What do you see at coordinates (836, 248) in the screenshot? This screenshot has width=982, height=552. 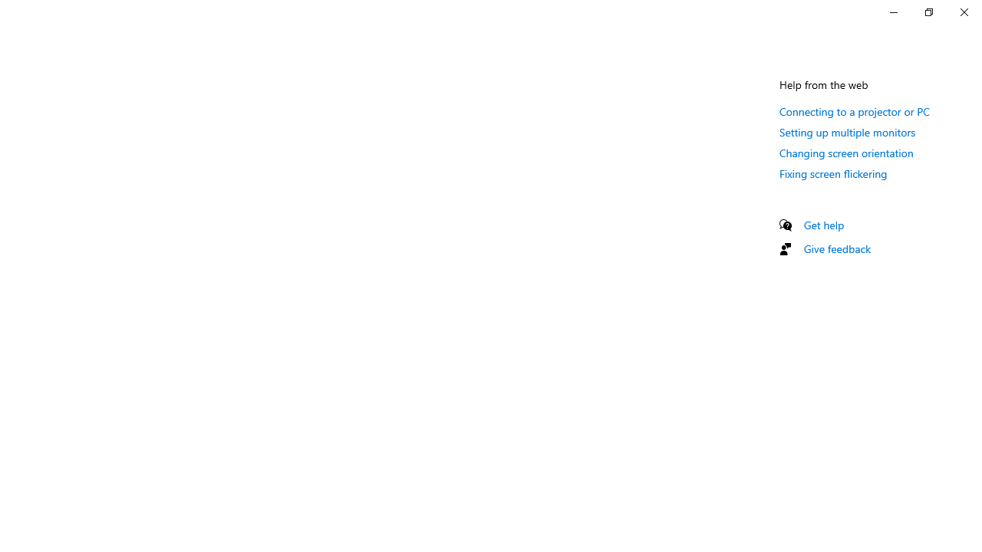 I see `'Give feedback'` at bounding box center [836, 248].